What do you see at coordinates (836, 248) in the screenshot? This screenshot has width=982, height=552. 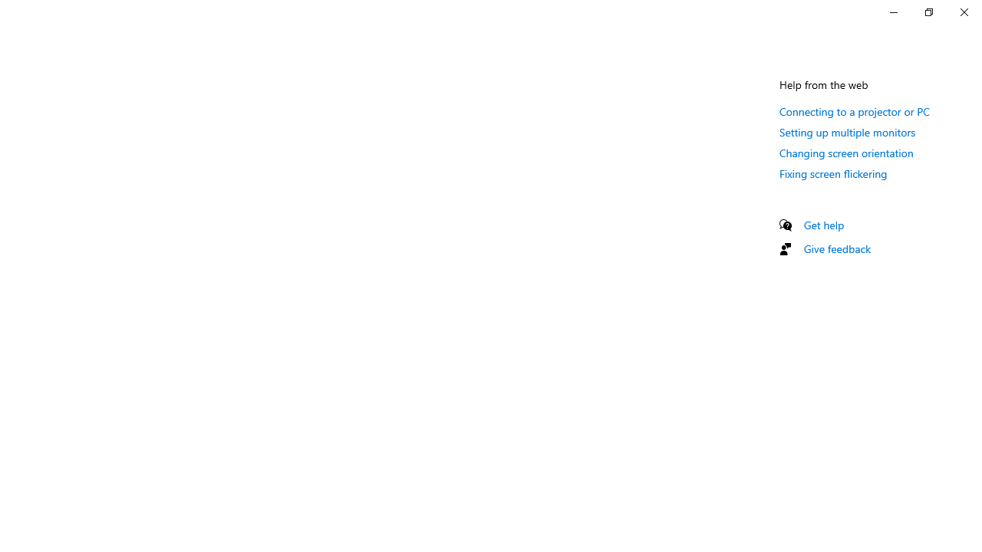 I see `'Give feedback'` at bounding box center [836, 248].